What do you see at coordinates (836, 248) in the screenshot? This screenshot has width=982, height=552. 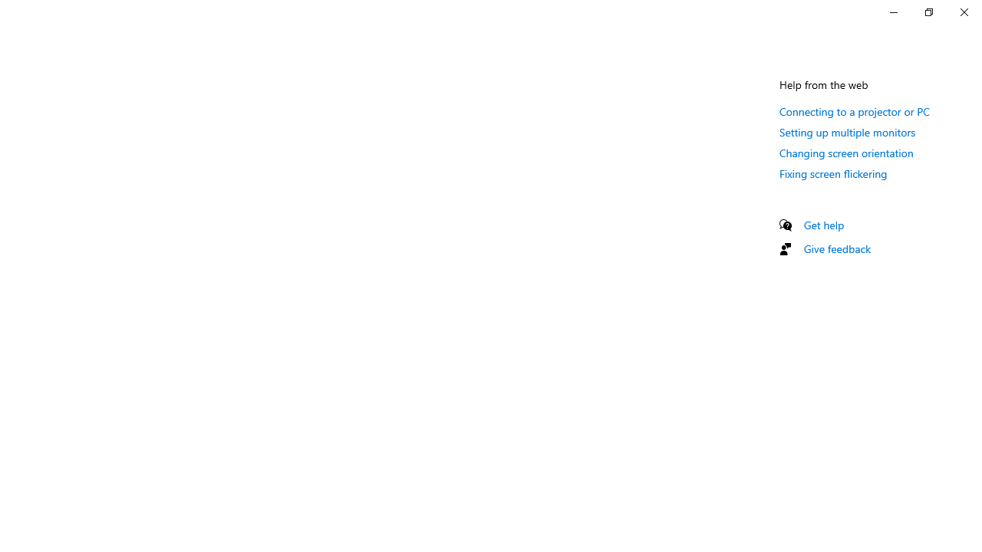 I see `'Give feedback'` at bounding box center [836, 248].